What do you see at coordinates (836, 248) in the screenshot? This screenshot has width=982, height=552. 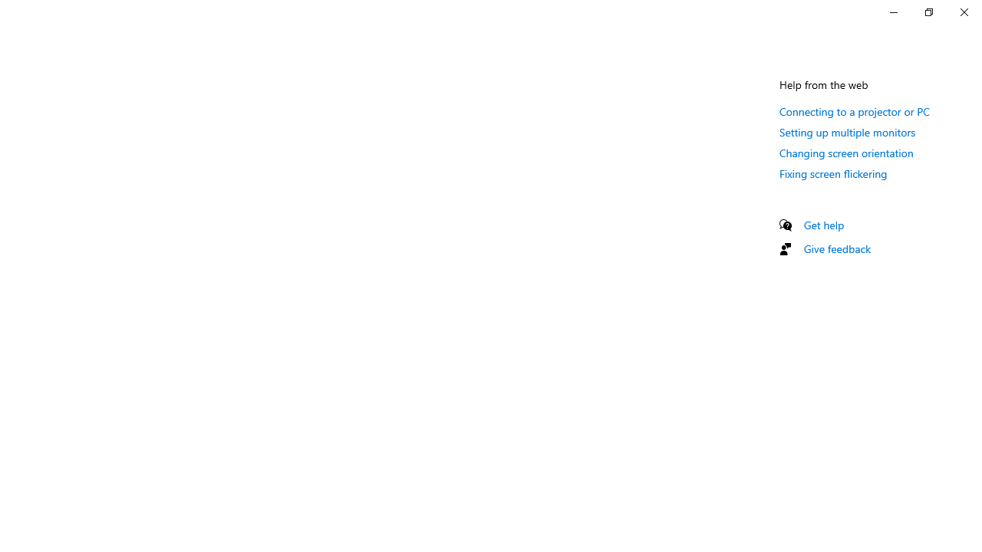 I see `'Give feedback'` at bounding box center [836, 248].